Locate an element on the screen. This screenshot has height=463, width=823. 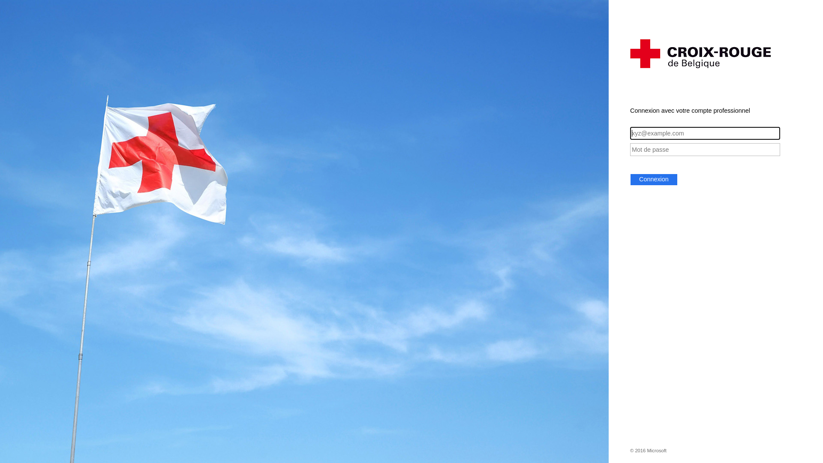
'Connexion' is located at coordinates (653, 179).